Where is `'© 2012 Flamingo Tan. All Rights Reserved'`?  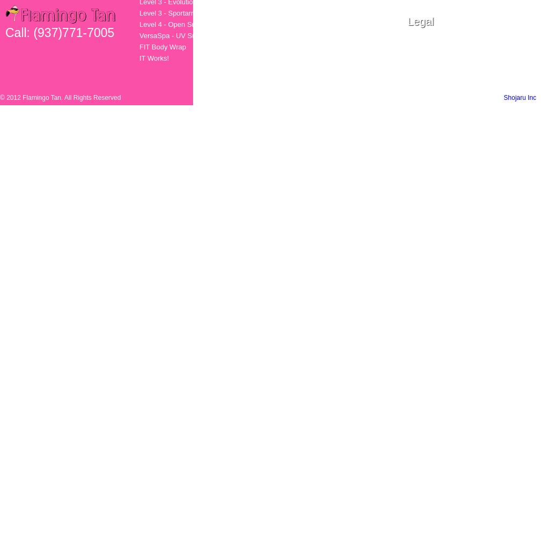
'© 2012 Flamingo Tan. All Rights Reserved' is located at coordinates (0, 98).